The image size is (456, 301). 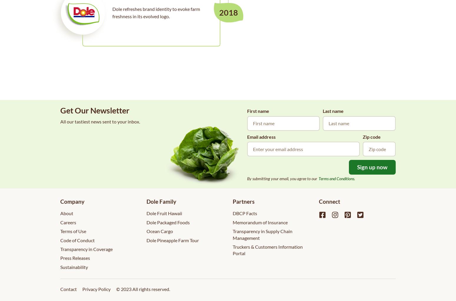 What do you see at coordinates (329, 201) in the screenshot?
I see `'Connect'` at bounding box center [329, 201].